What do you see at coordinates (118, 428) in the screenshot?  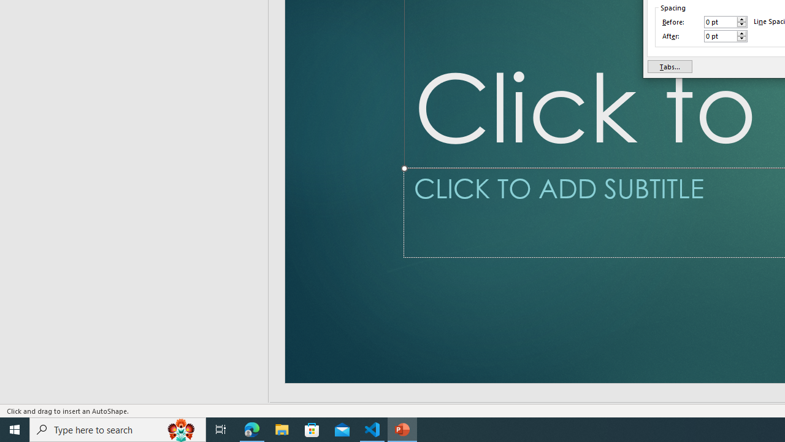 I see `'Type here to search'` at bounding box center [118, 428].